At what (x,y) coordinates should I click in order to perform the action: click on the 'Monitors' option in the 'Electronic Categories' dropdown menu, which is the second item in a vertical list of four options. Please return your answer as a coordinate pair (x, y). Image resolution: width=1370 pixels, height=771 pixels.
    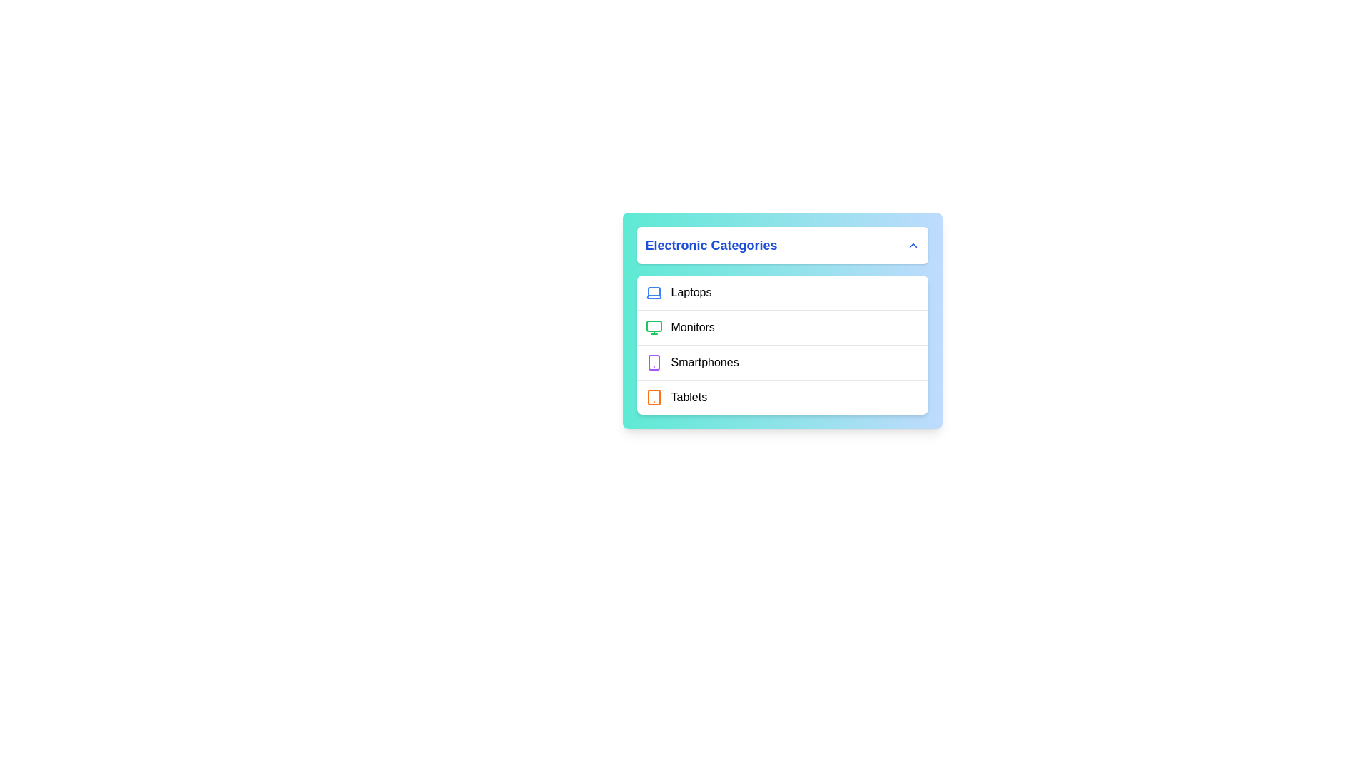
    Looking at the image, I should click on (781, 327).